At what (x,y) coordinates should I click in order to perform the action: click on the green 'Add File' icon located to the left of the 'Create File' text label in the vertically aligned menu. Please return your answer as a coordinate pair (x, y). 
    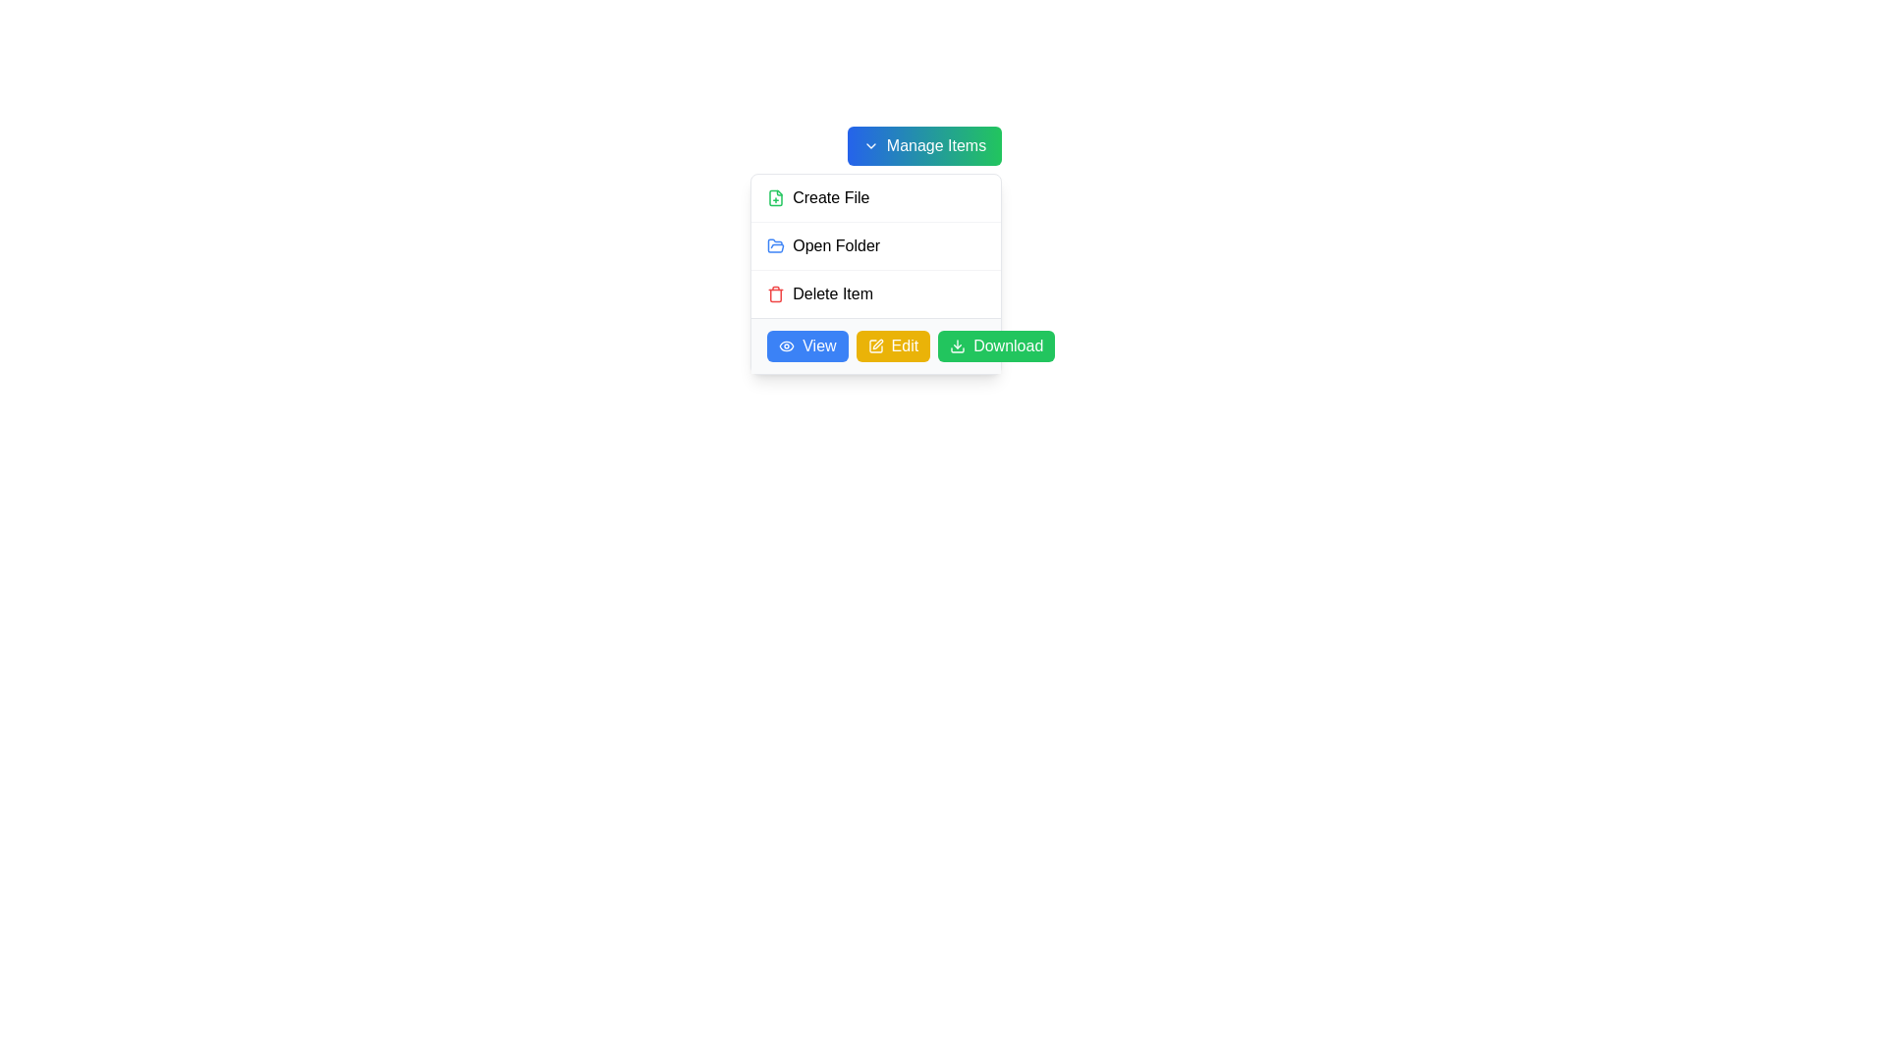
    Looking at the image, I should click on (775, 197).